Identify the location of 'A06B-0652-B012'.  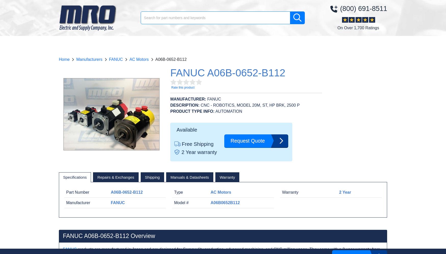
(97, 242).